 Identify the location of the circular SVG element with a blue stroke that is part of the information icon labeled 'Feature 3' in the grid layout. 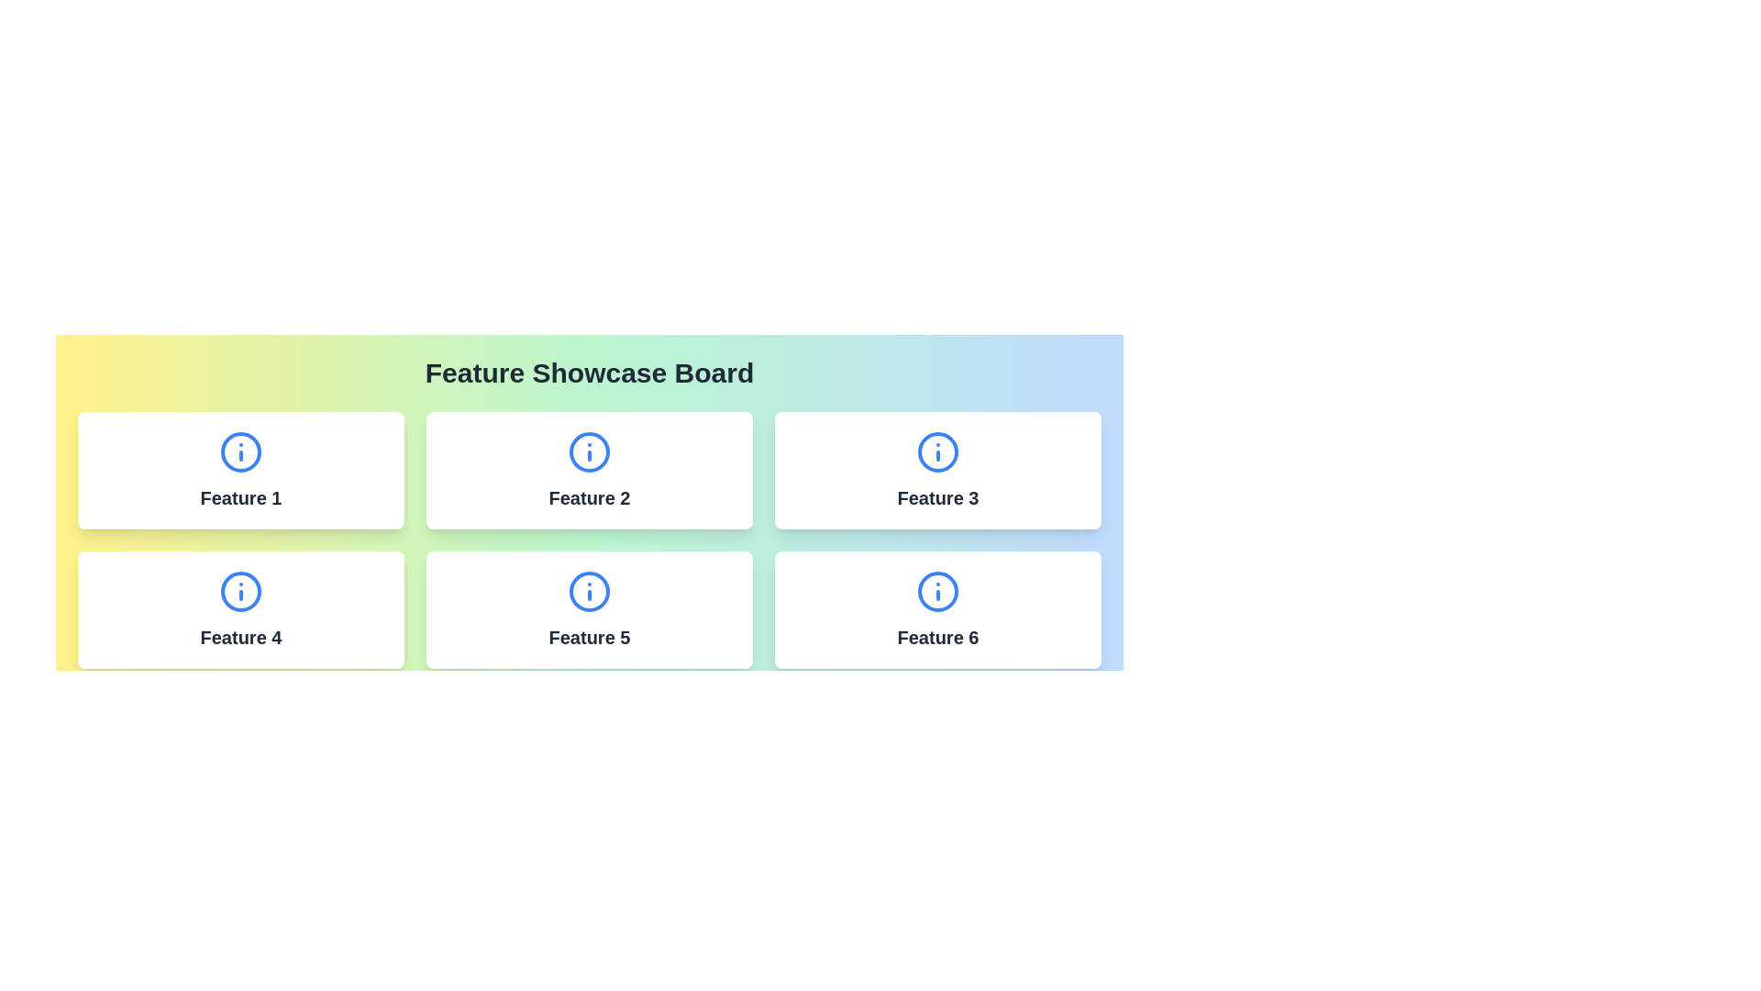
(937, 452).